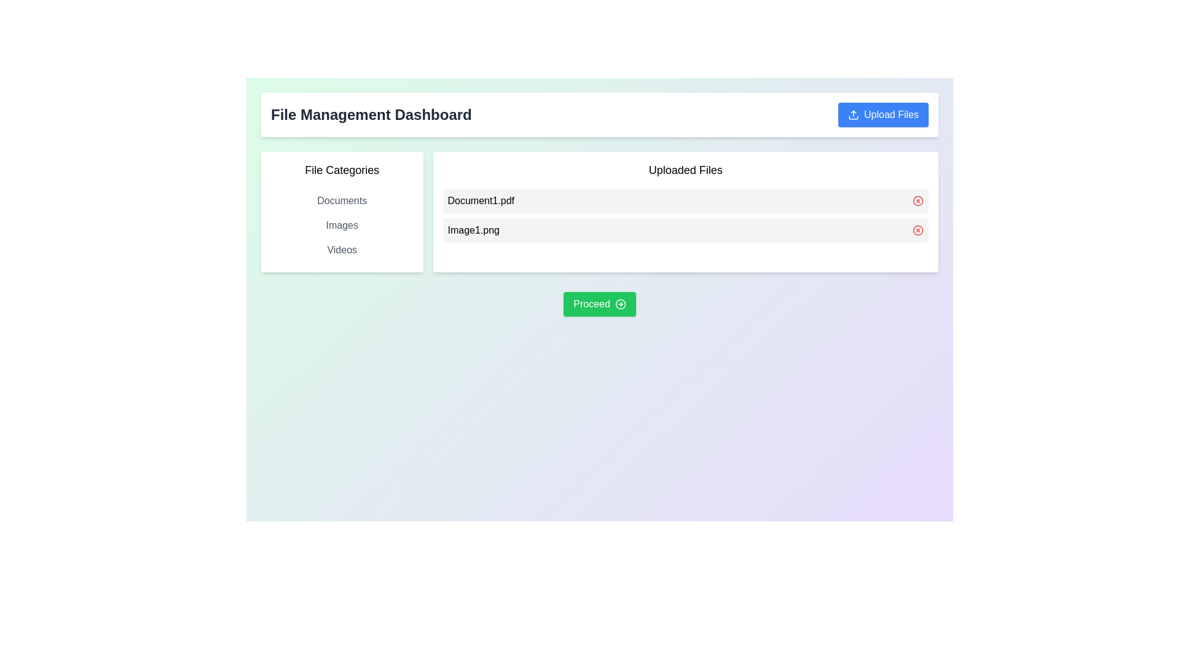  I want to click on the green 'Proceed' button with a white circular arrow icon, so click(599, 304).